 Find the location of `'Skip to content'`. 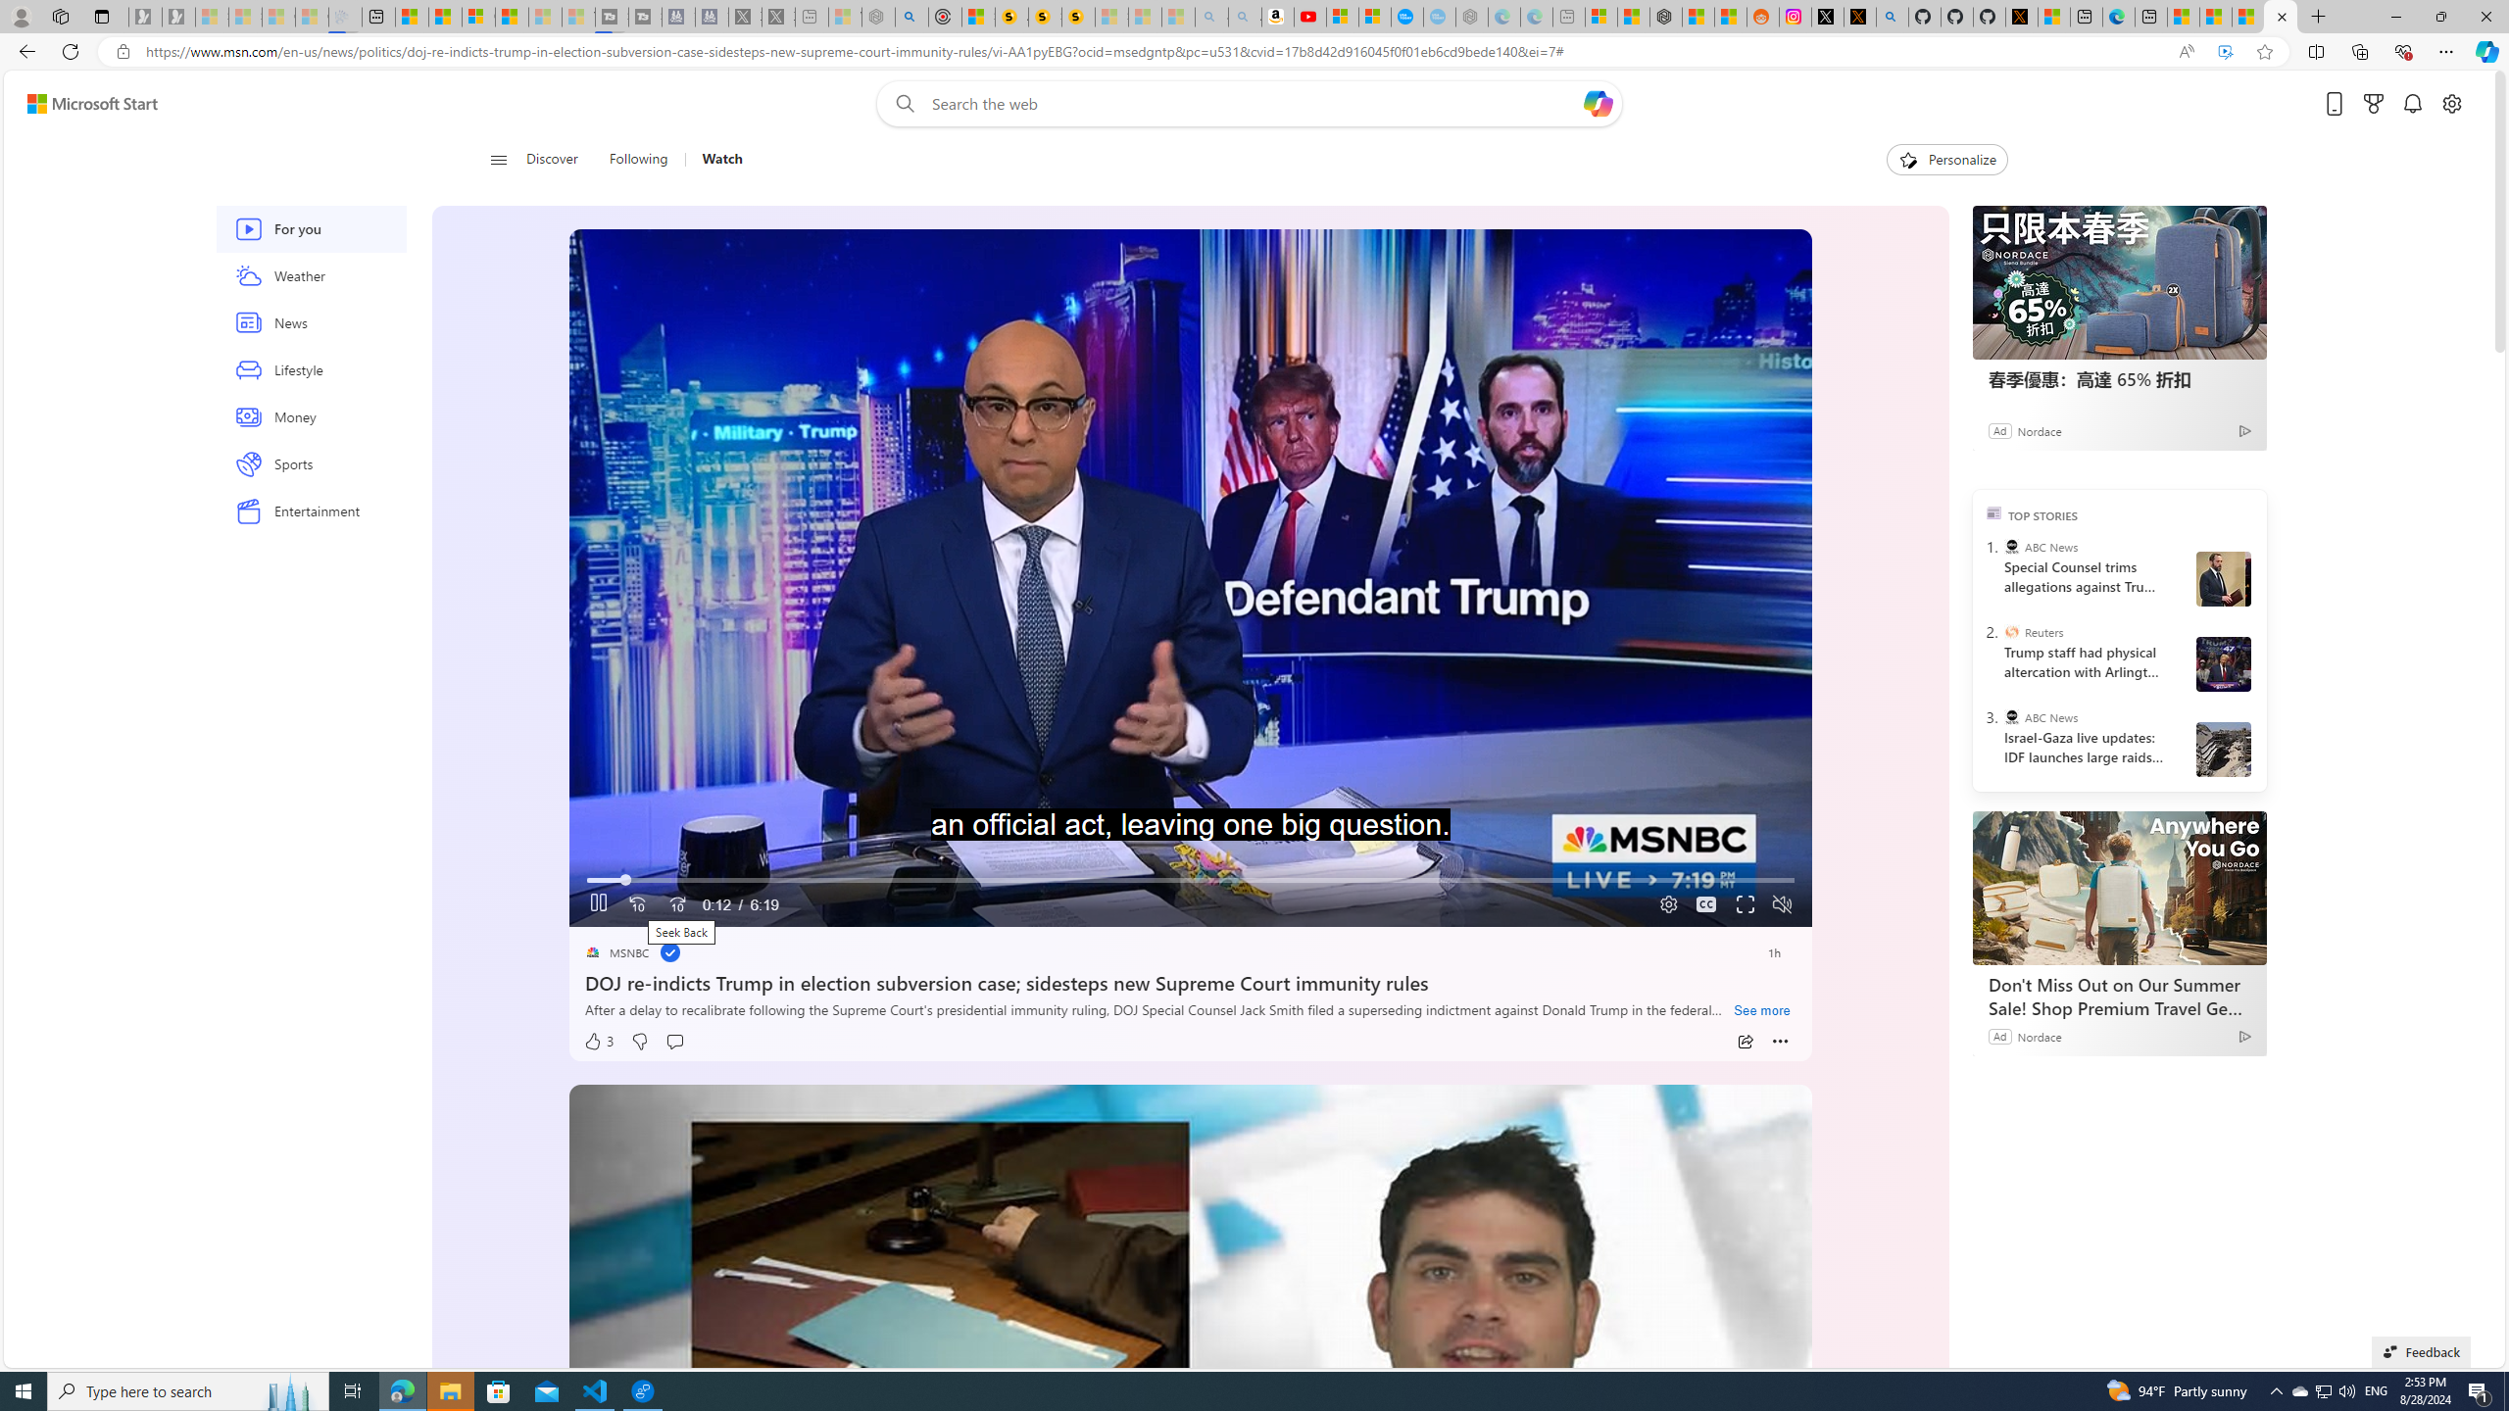

'Skip to content' is located at coordinates (84, 102).